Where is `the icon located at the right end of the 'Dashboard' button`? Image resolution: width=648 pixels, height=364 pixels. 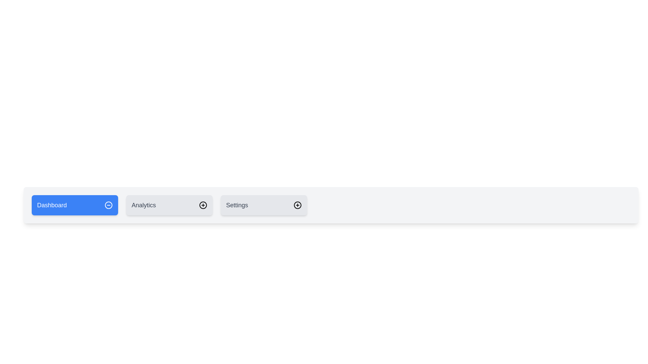 the icon located at the right end of the 'Dashboard' button is located at coordinates (108, 205).